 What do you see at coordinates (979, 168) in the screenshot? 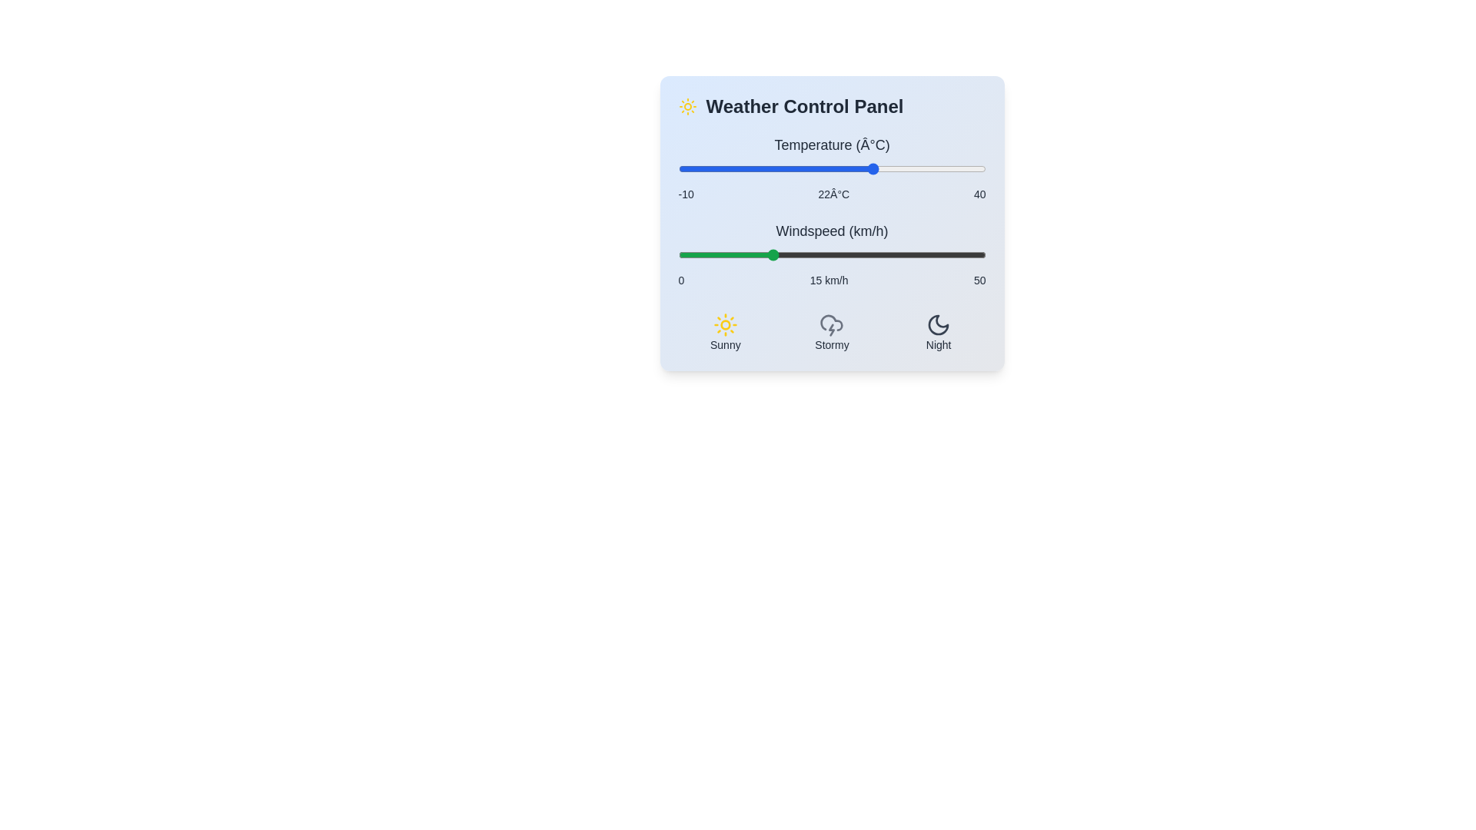
I see `the Temperature slider` at bounding box center [979, 168].